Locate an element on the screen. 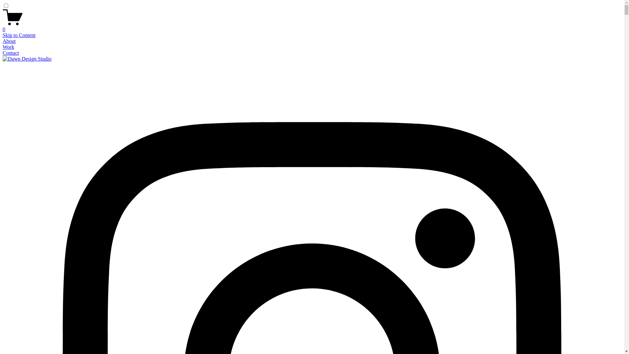  'Skip to Content' is located at coordinates (19, 35).